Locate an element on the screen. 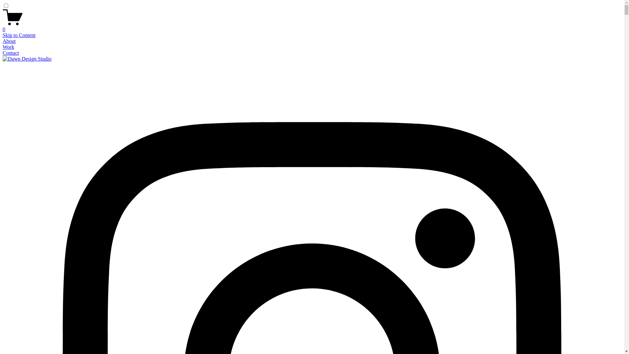  'Skip to Content' is located at coordinates (19, 35).